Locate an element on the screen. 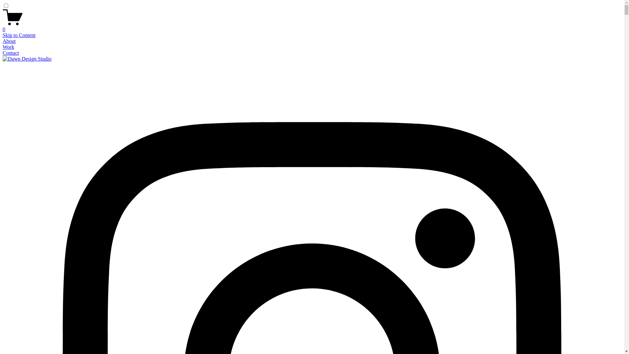  'Skip to Content' is located at coordinates (19, 35).